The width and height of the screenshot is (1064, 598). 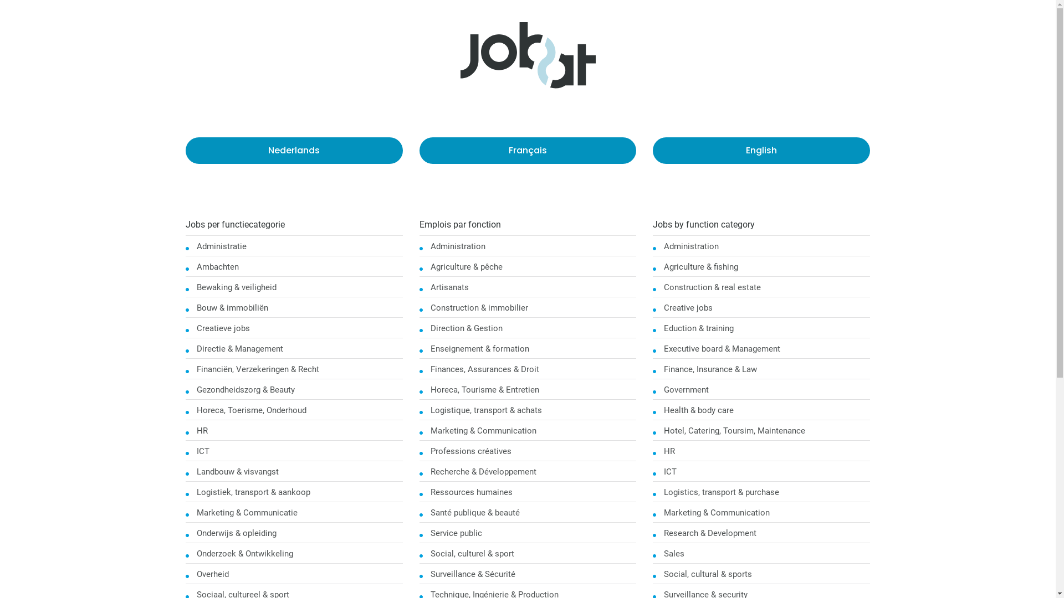 What do you see at coordinates (479, 348) in the screenshot?
I see `'Enseignement & formation'` at bounding box center [479, 348].